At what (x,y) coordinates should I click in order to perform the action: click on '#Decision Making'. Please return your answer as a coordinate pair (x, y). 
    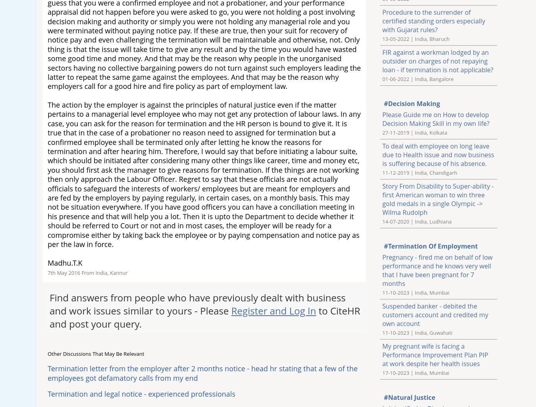
    Looking at the image, I should click on (412, 103).